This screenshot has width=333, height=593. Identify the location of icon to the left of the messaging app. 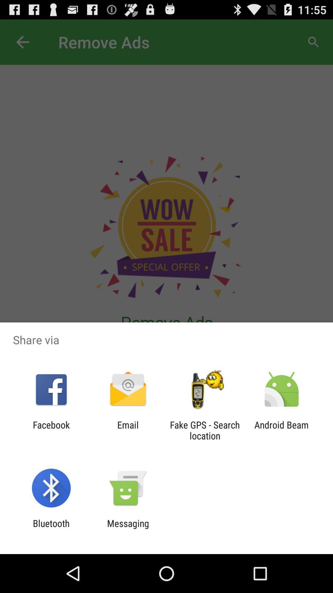
(51, 528).